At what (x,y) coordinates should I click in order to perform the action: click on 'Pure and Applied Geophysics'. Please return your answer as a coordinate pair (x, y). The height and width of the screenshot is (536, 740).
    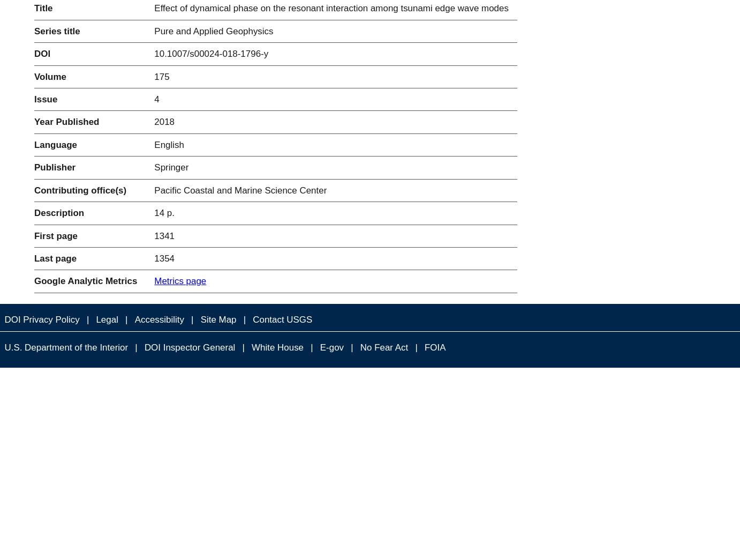
    Looking at the image, I should click on (213, 31).